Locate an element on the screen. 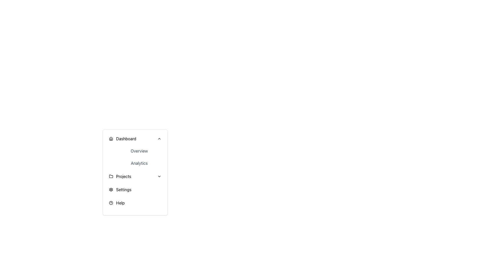 Image resolution: width=488 pixels, height=275 pixels. the 'Analytics' button located in the vertical navigation menu, which is directly below the 'Overview' option and above the 'Projects' option in the 'Dashboard' section is located at coordinates (139, 163).